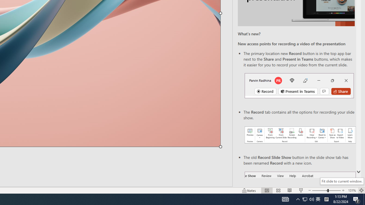 The height and width of the screenshot is (205, 365). Describe the element at coordinates (342, 181) in the screenshot. I see `'Fit slide to current window.'` at that location.